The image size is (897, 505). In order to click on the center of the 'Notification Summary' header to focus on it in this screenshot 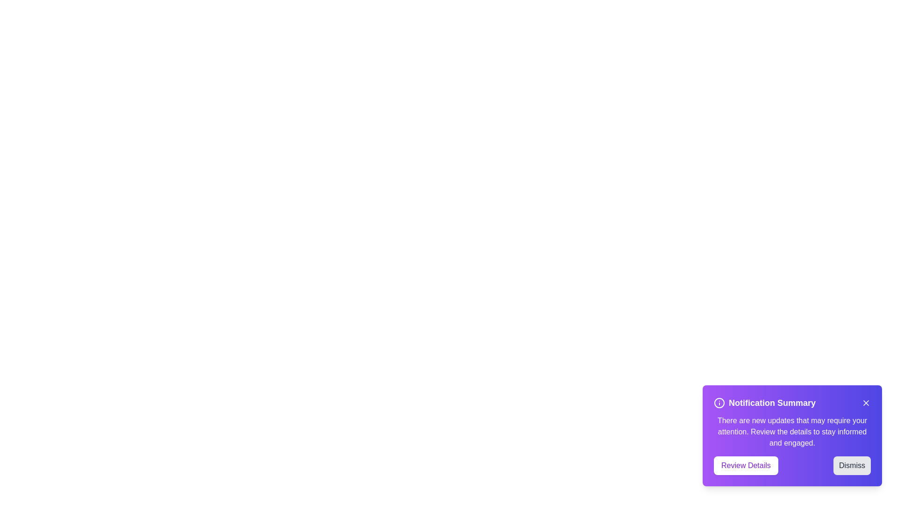, I will do `click(772, 402)`.